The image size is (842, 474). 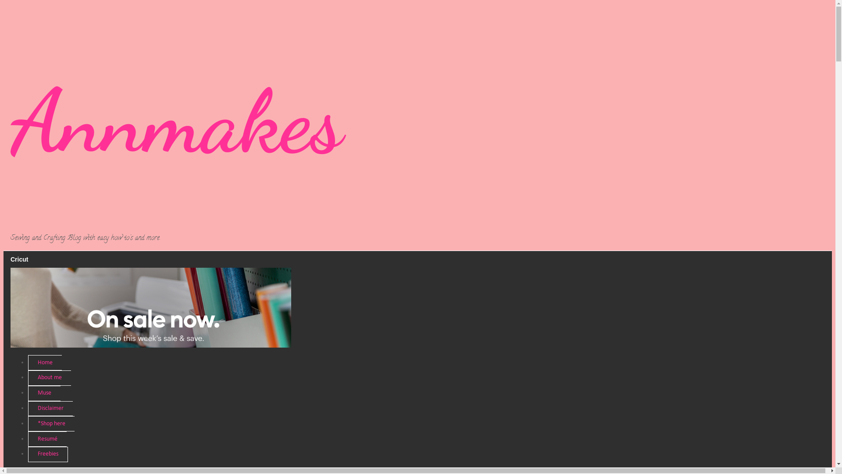 I want to click on 'About me', so click(x=49, y=377).